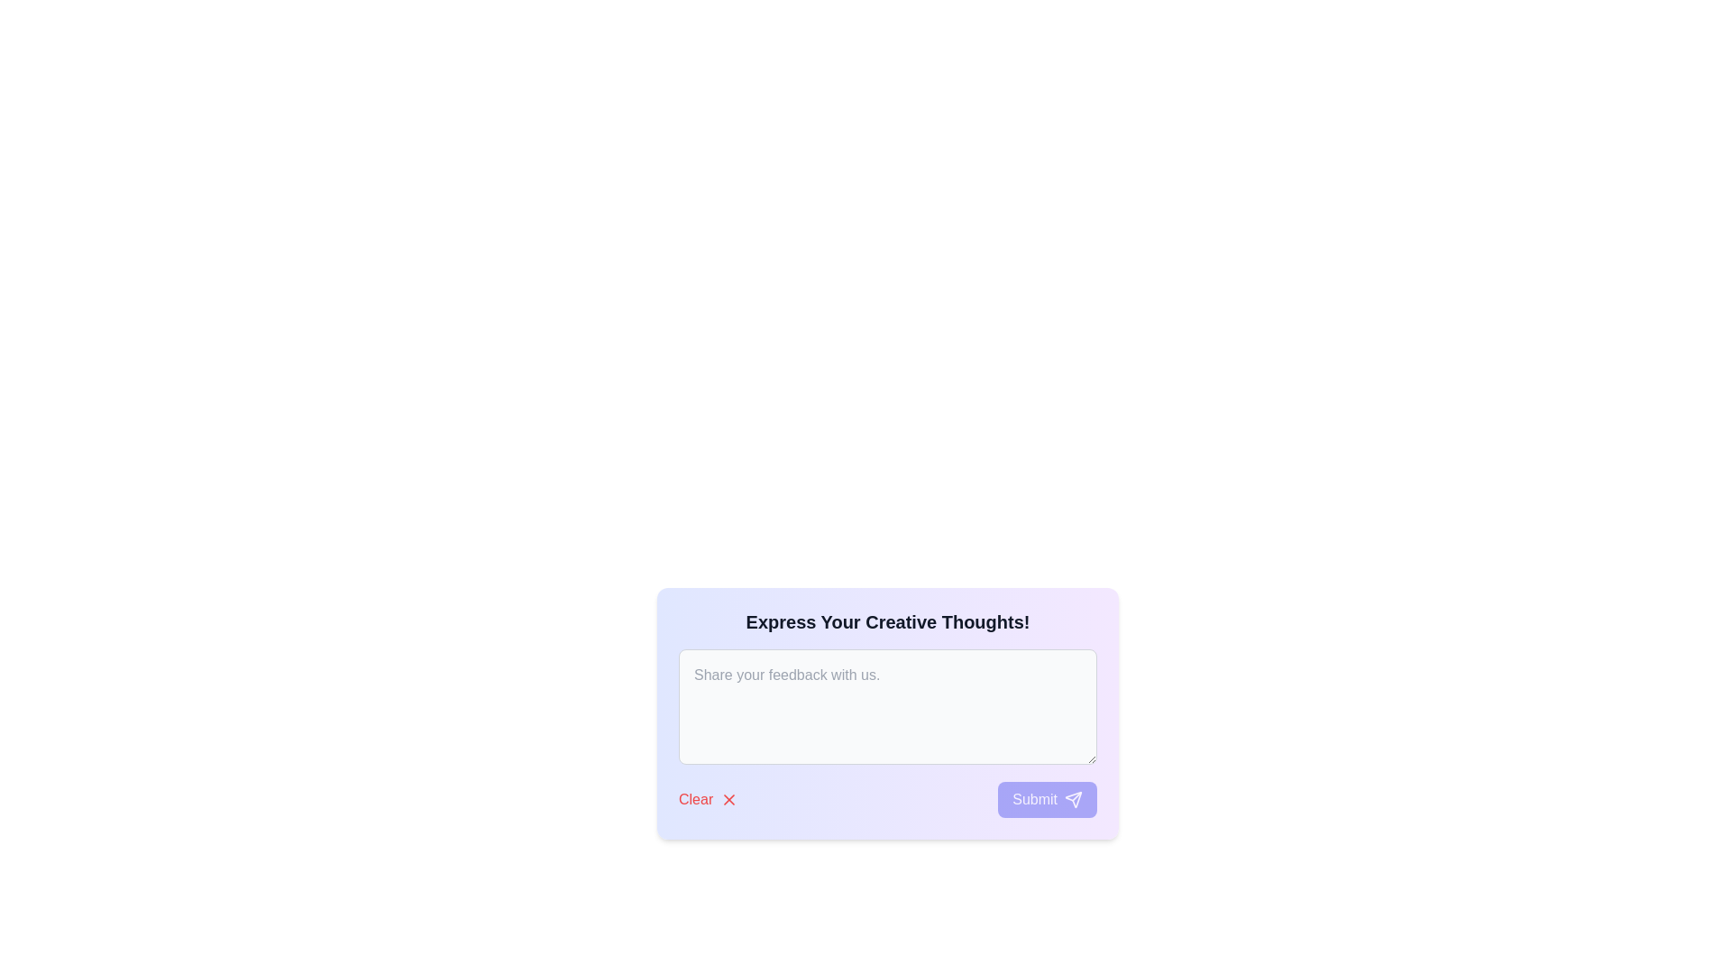  What do you see at coordinates (1073, 799) in the screenshot?
I see `the paper airplane icon located on the right side of the 'Submit' button` at bounding box center [1073, 799].